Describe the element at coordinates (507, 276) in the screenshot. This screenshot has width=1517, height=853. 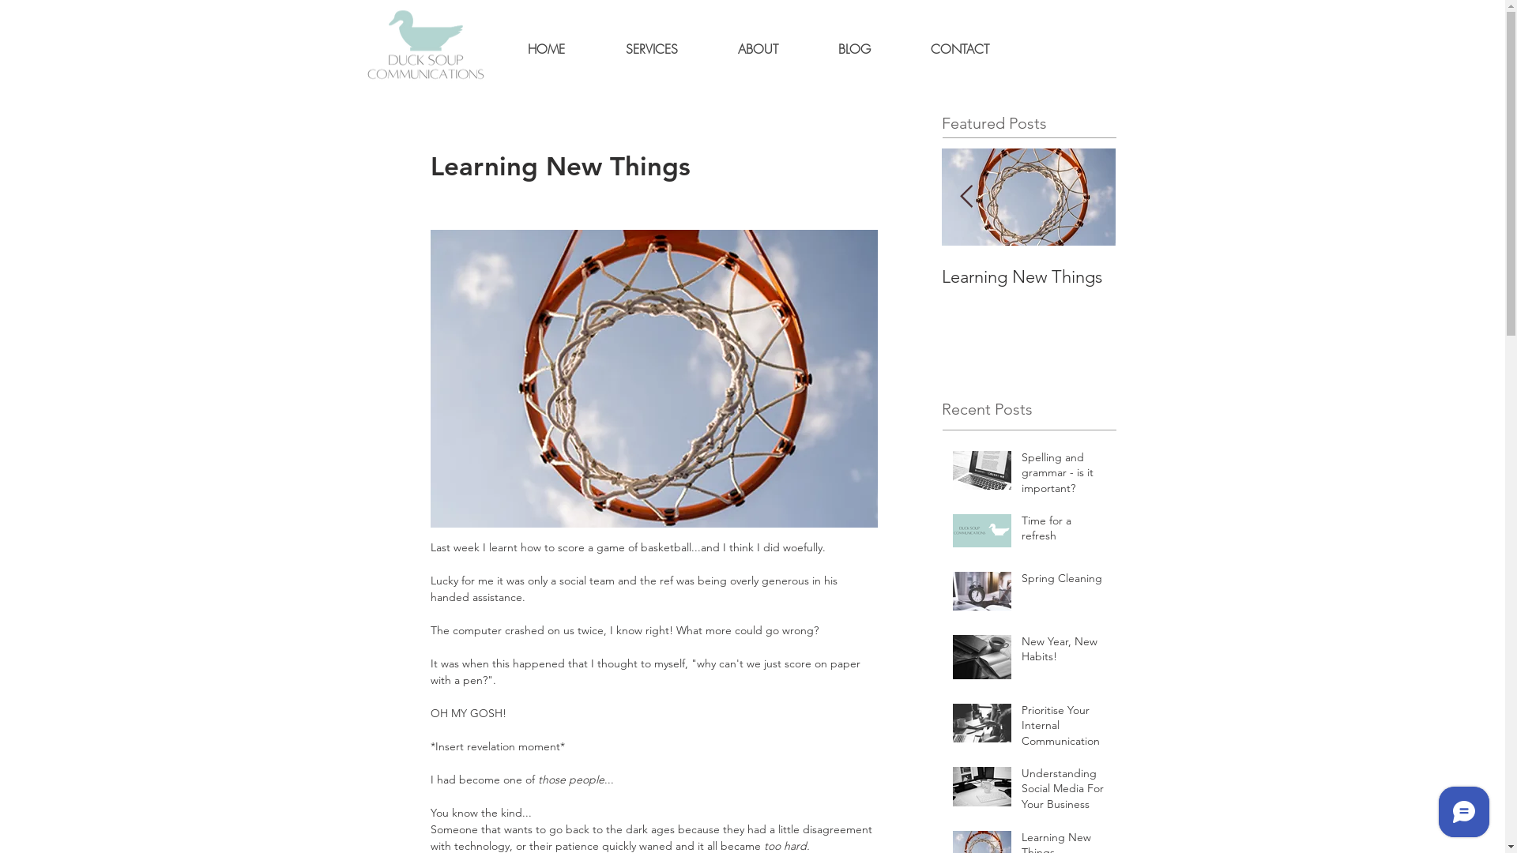
I see `'New Year, New Habits!'` at that location.